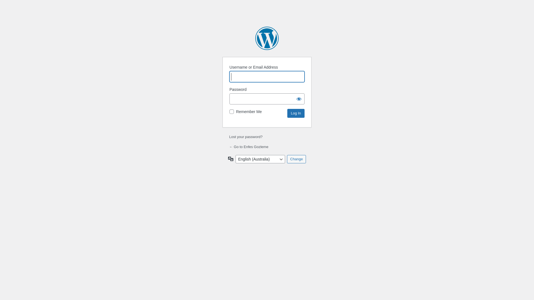 The width and height of the screenshot is (534, 300). What do you see at coordinates (296, 113) in the screenshot?
I see `'Log In'` at bounding box center [296, 113].